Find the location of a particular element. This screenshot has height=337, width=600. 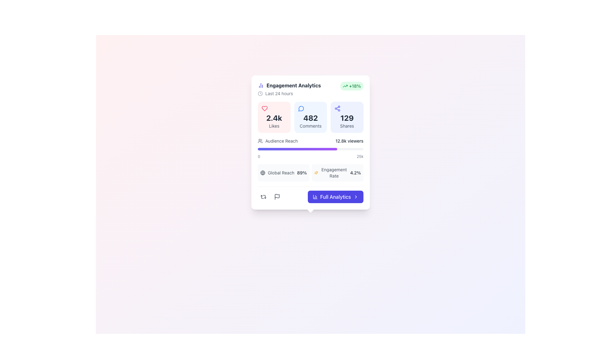

the Progress bar titled 'Audience Reach' which displays '12.8k viewers' and has a gradient color from indigo to purple is located at coordinates (310, 148).